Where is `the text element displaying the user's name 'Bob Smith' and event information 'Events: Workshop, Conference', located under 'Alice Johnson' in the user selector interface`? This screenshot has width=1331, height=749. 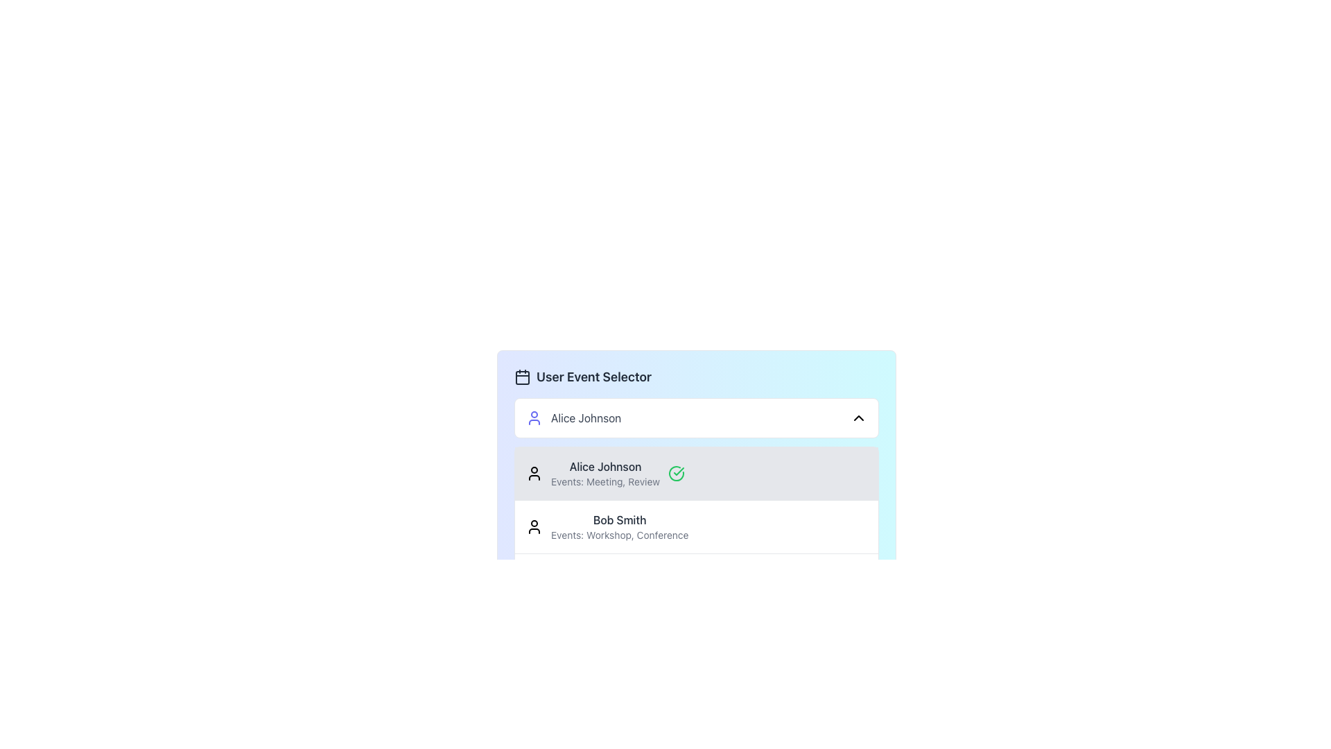 the text element displaying the user's name 'Bob Smith' and event information 'Events: Workshop, Conference', located under 'Alice Johnson' in the user selector interface is located at coordinates (619, 526).